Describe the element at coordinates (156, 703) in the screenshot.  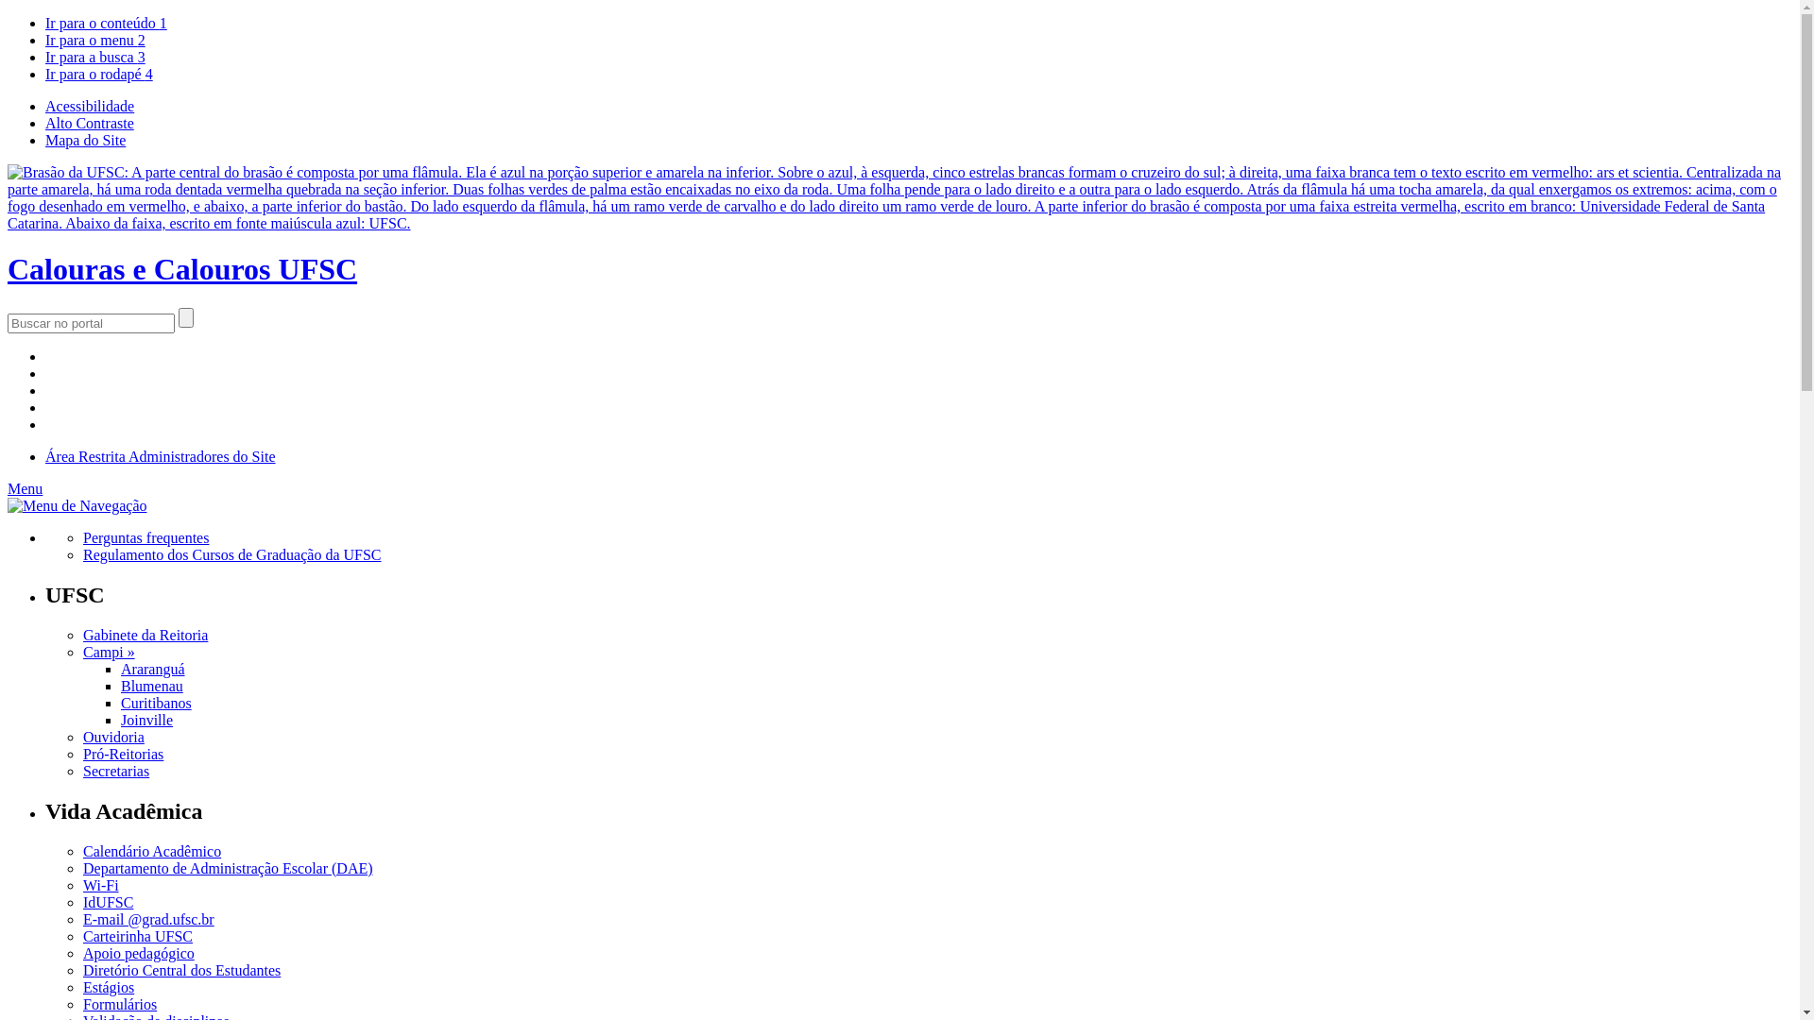
I see `'Curitibanos'` at that location.